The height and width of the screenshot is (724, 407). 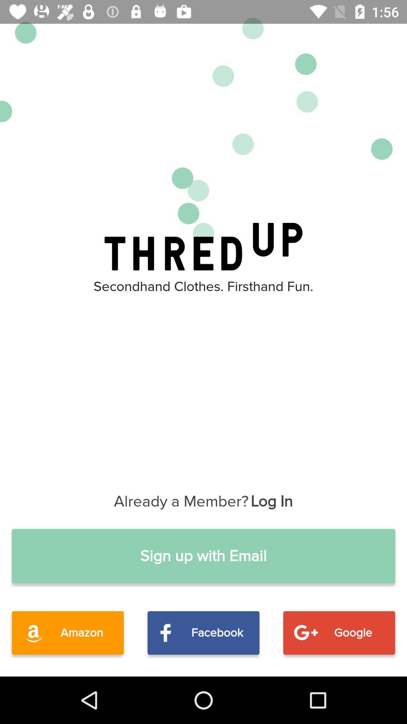 What do you see at coordinates (338, 633) in the screenshot?
I see `the icon next to facebook` at bounding box center [338, 633].